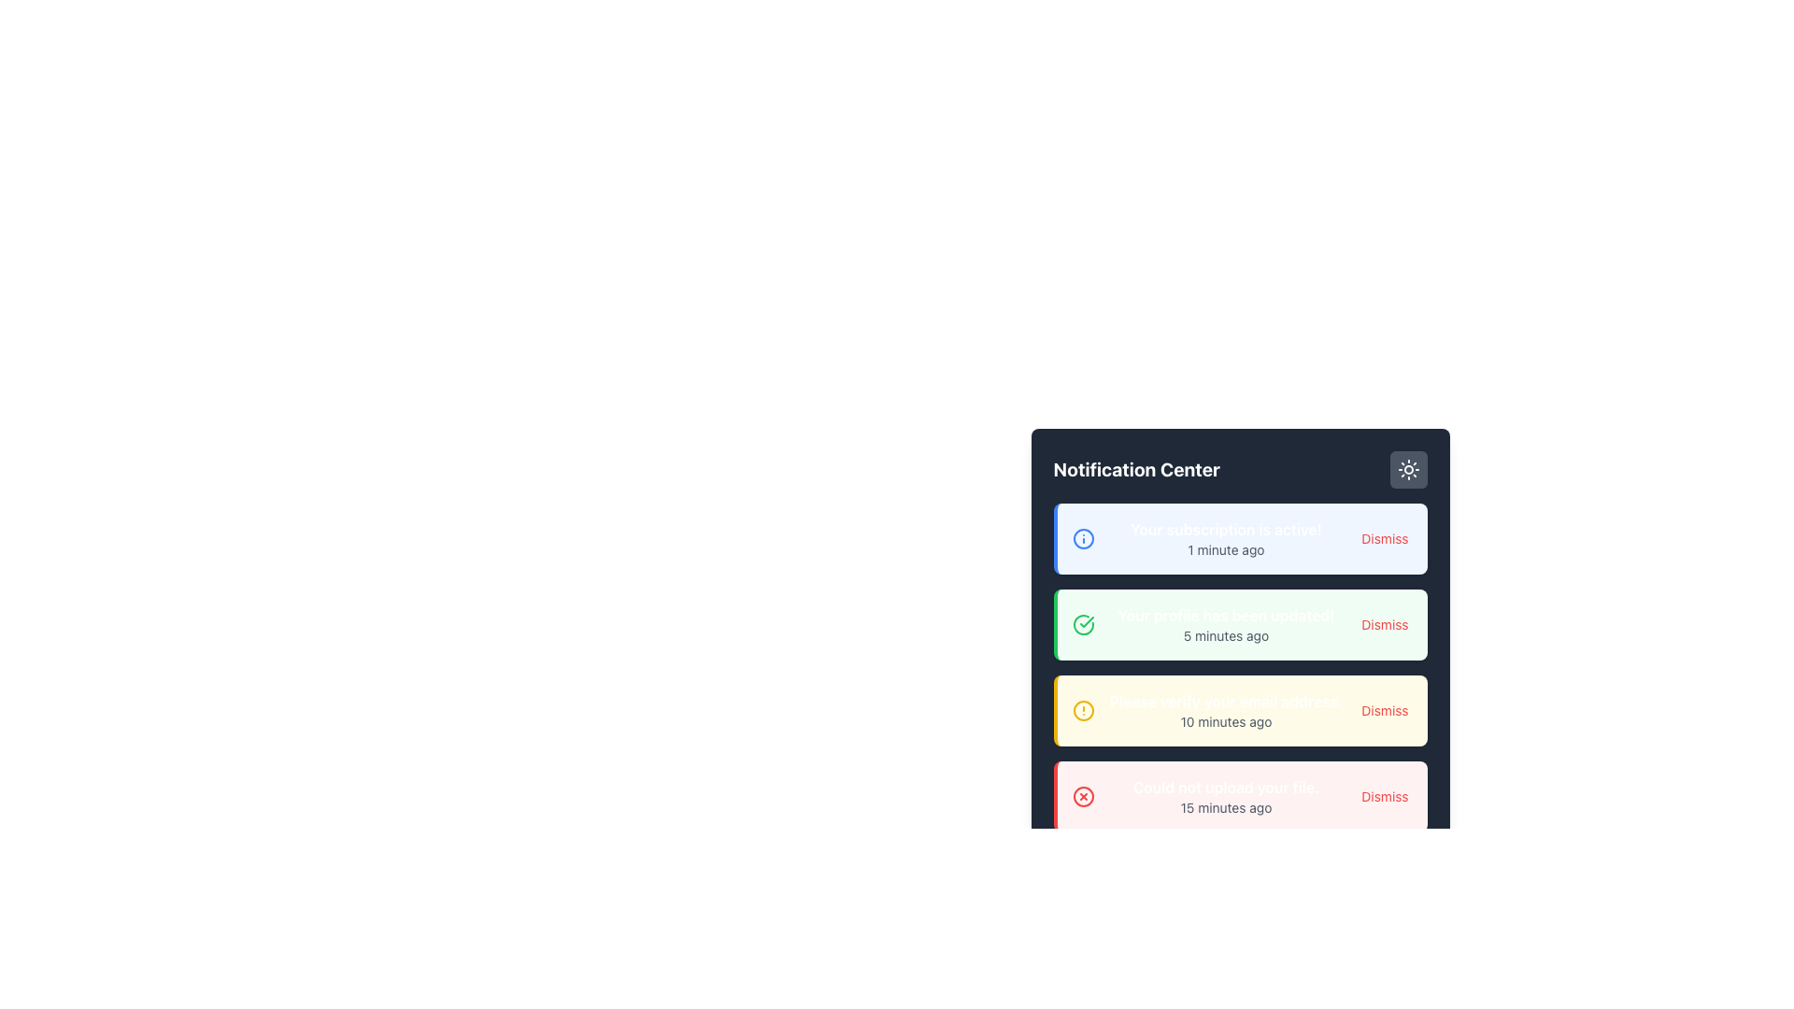 Image resolution: width=1794 pixels, height=1009 pixels. I want to click on time-related information displayed in the text label that shows '15 minutes ago' located below the 'Could not upload your file.' message in the fourth notification card, so click(1226, 806).